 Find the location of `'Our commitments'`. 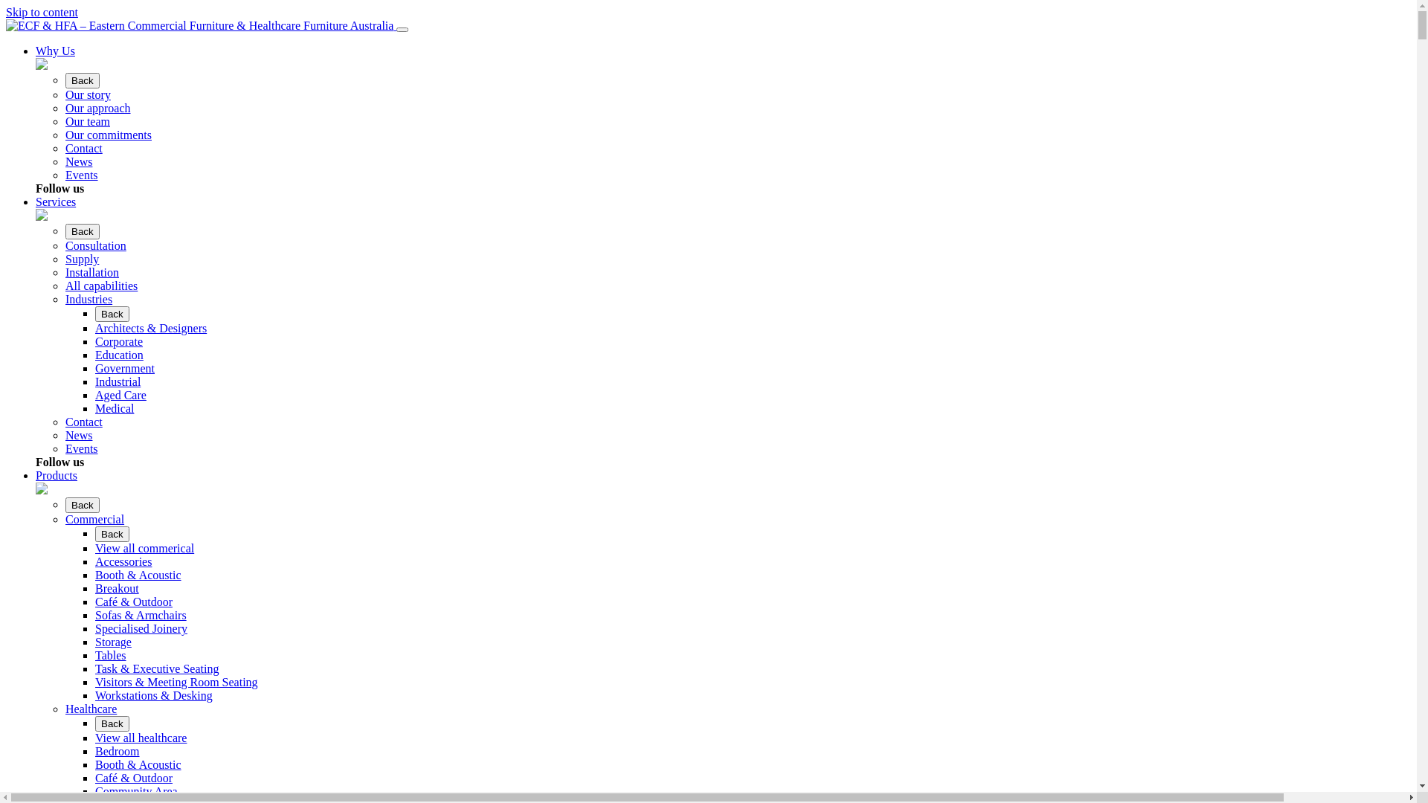

'Our commitments' is located at coordinates (107, 135).